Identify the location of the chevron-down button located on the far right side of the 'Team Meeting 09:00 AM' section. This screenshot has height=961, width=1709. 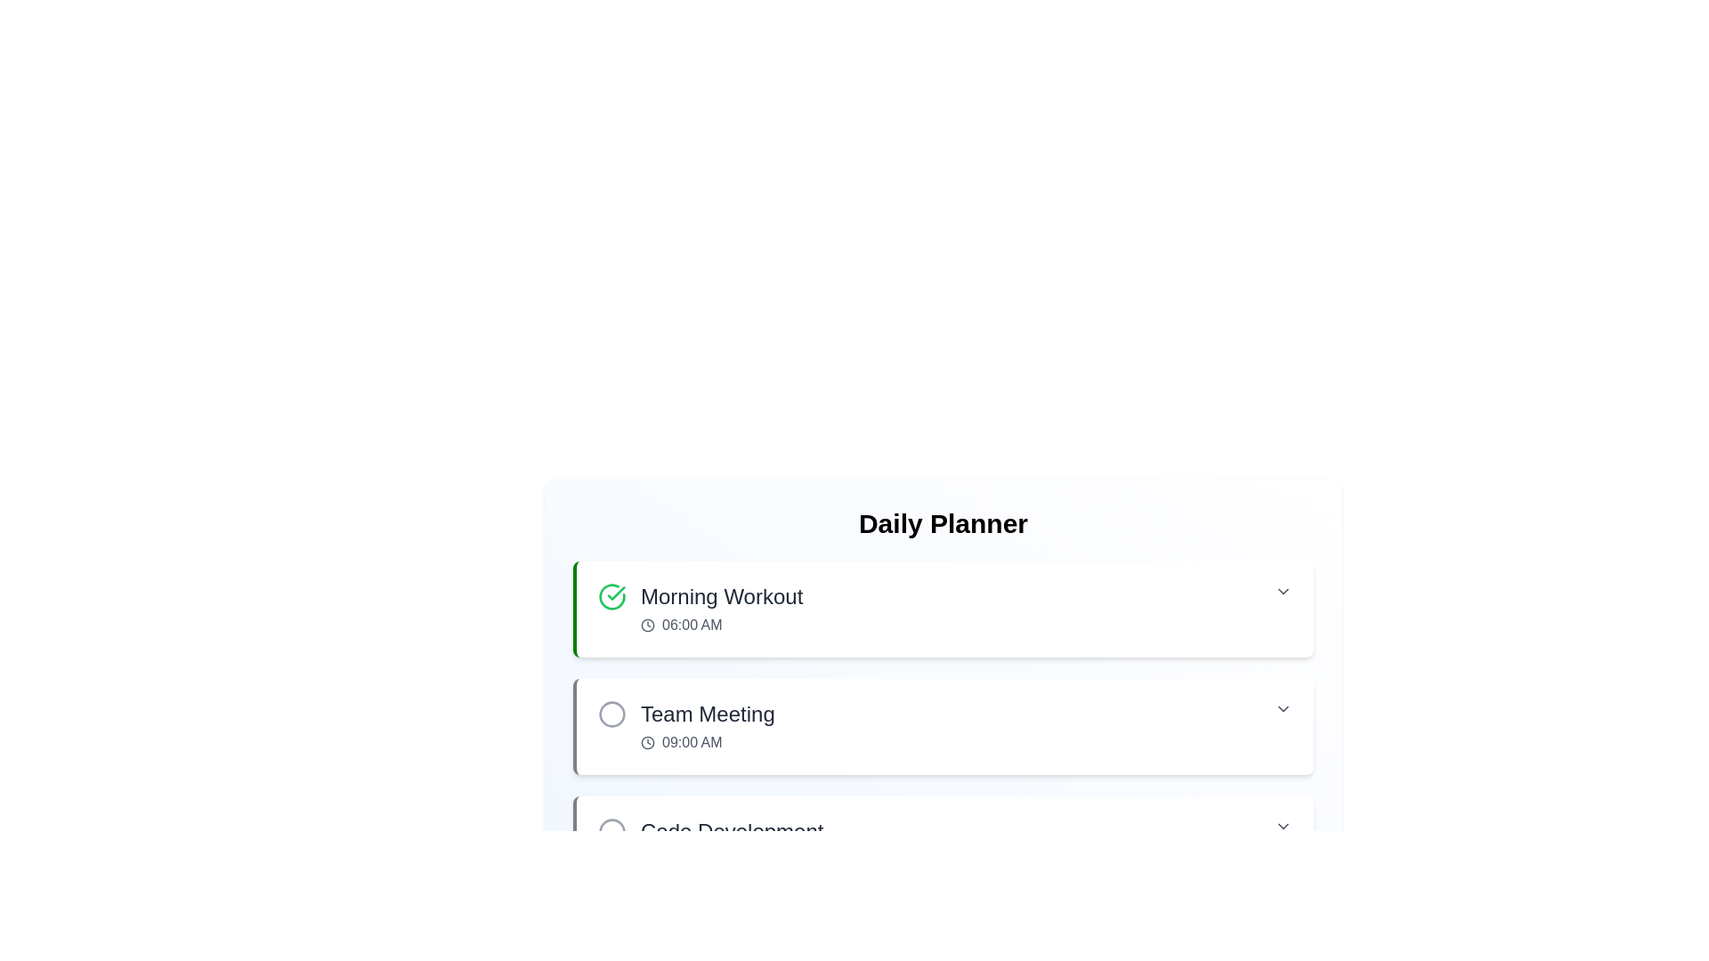
(1283, 708).